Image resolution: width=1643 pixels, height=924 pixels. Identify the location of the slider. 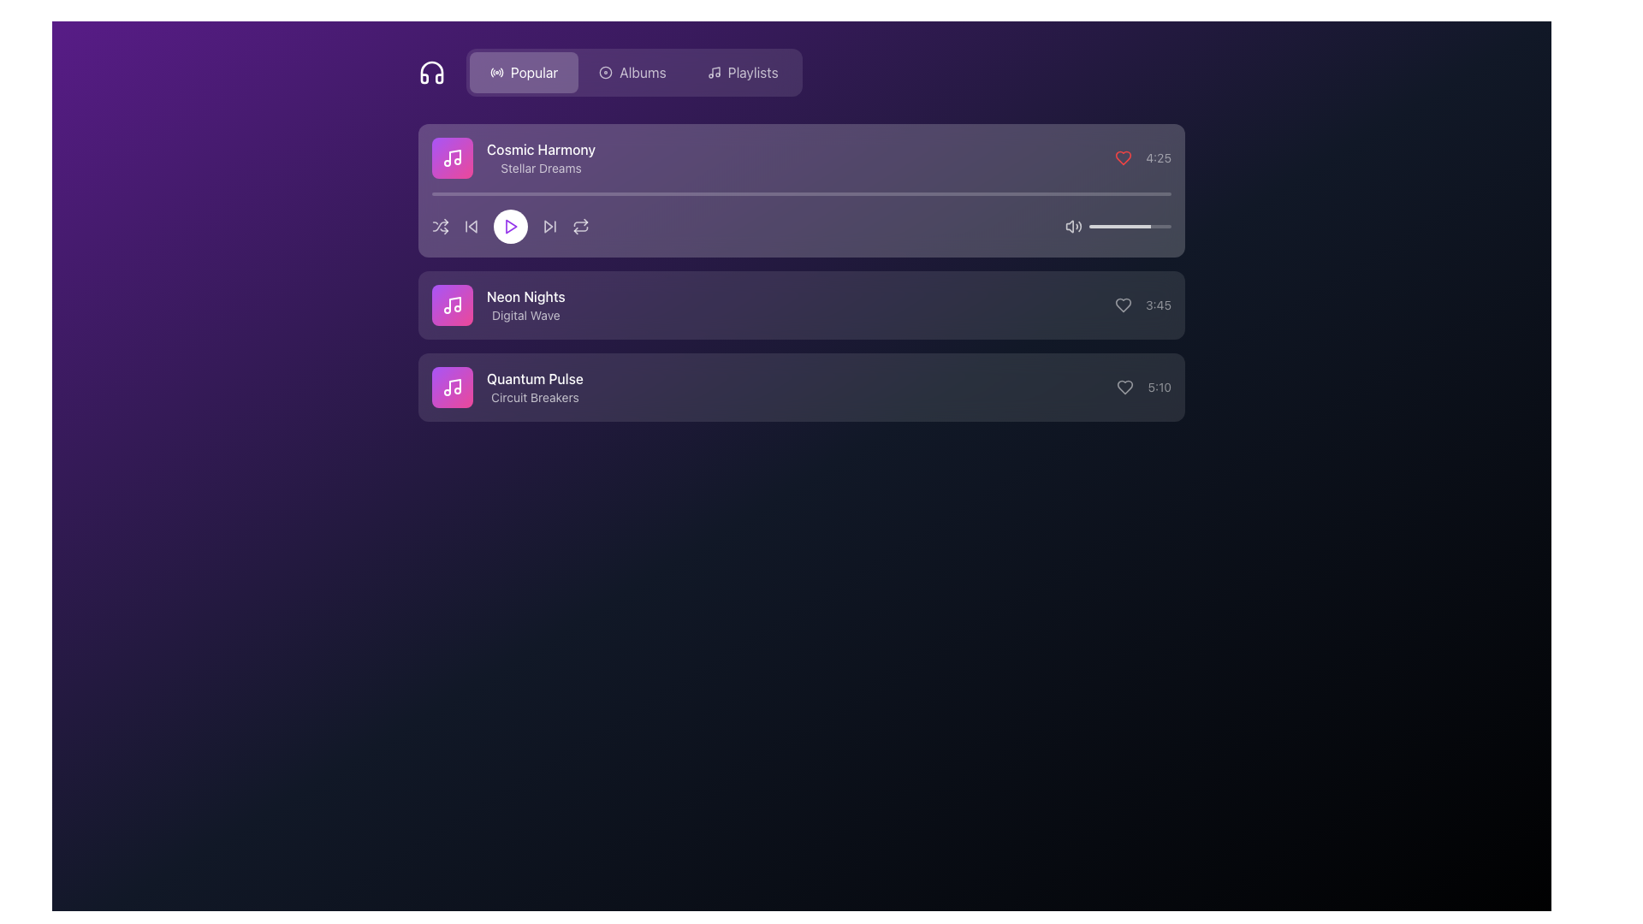
(1128, 226).